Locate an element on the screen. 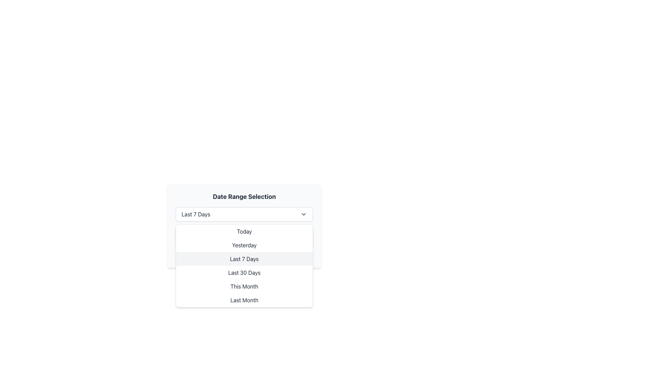 This screenshot has width=659, height=371. the third option in the dropdown menu is located at coordinates (244, 259).